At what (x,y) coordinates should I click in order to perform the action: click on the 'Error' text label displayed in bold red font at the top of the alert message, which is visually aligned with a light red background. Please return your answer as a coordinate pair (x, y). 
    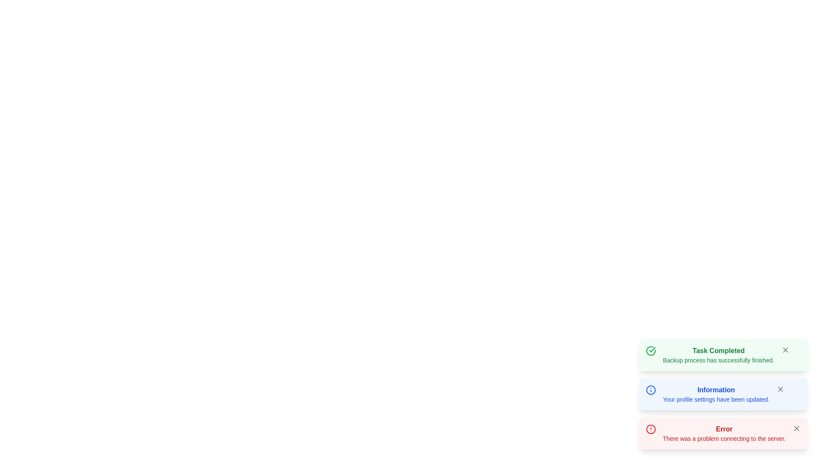
    Looking at the image, I should click on (723, 429).